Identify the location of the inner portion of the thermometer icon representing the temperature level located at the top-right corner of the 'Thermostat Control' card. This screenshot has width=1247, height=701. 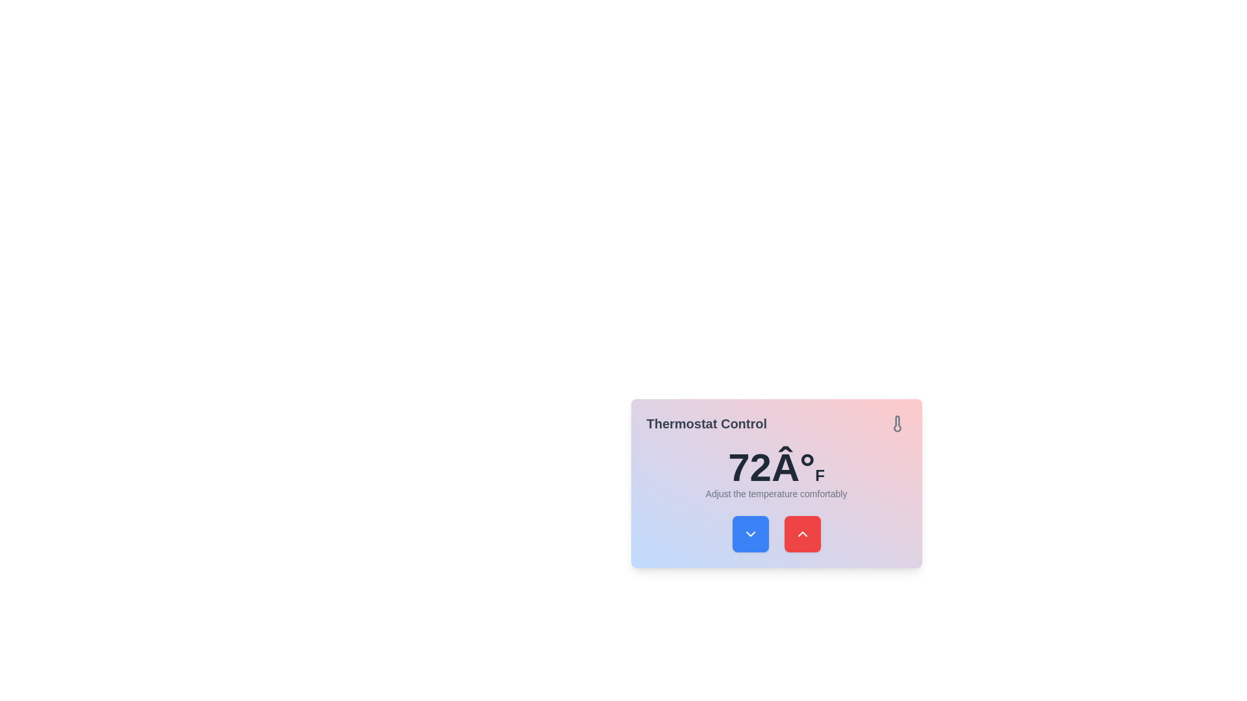
(896, 423).